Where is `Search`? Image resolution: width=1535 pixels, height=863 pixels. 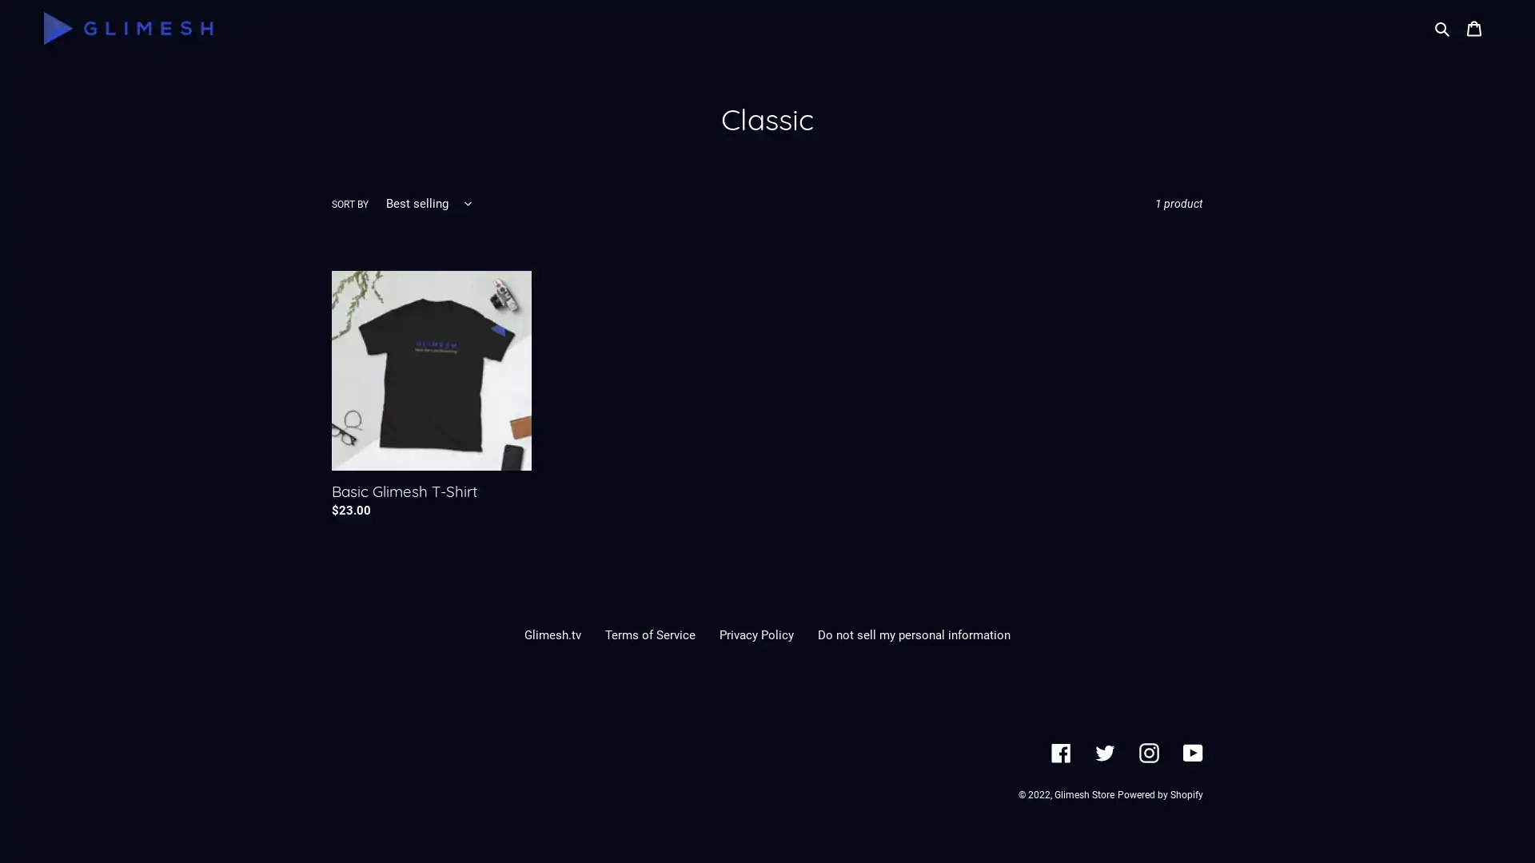
Search is located at coordinates (1443, 27).